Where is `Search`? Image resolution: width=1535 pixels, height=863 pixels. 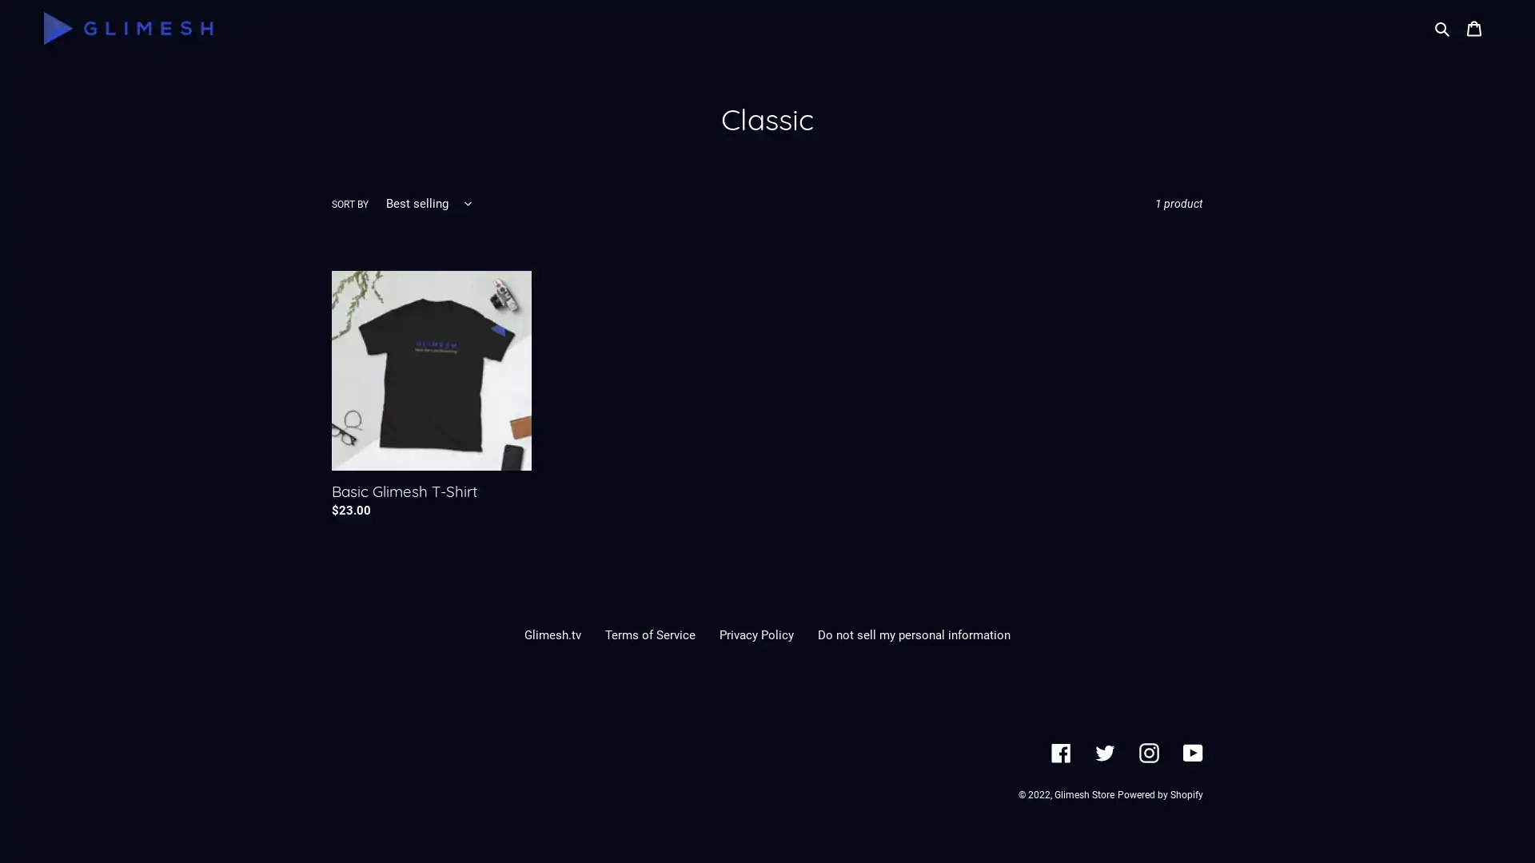
Search is located at coordinates (1443, 27).